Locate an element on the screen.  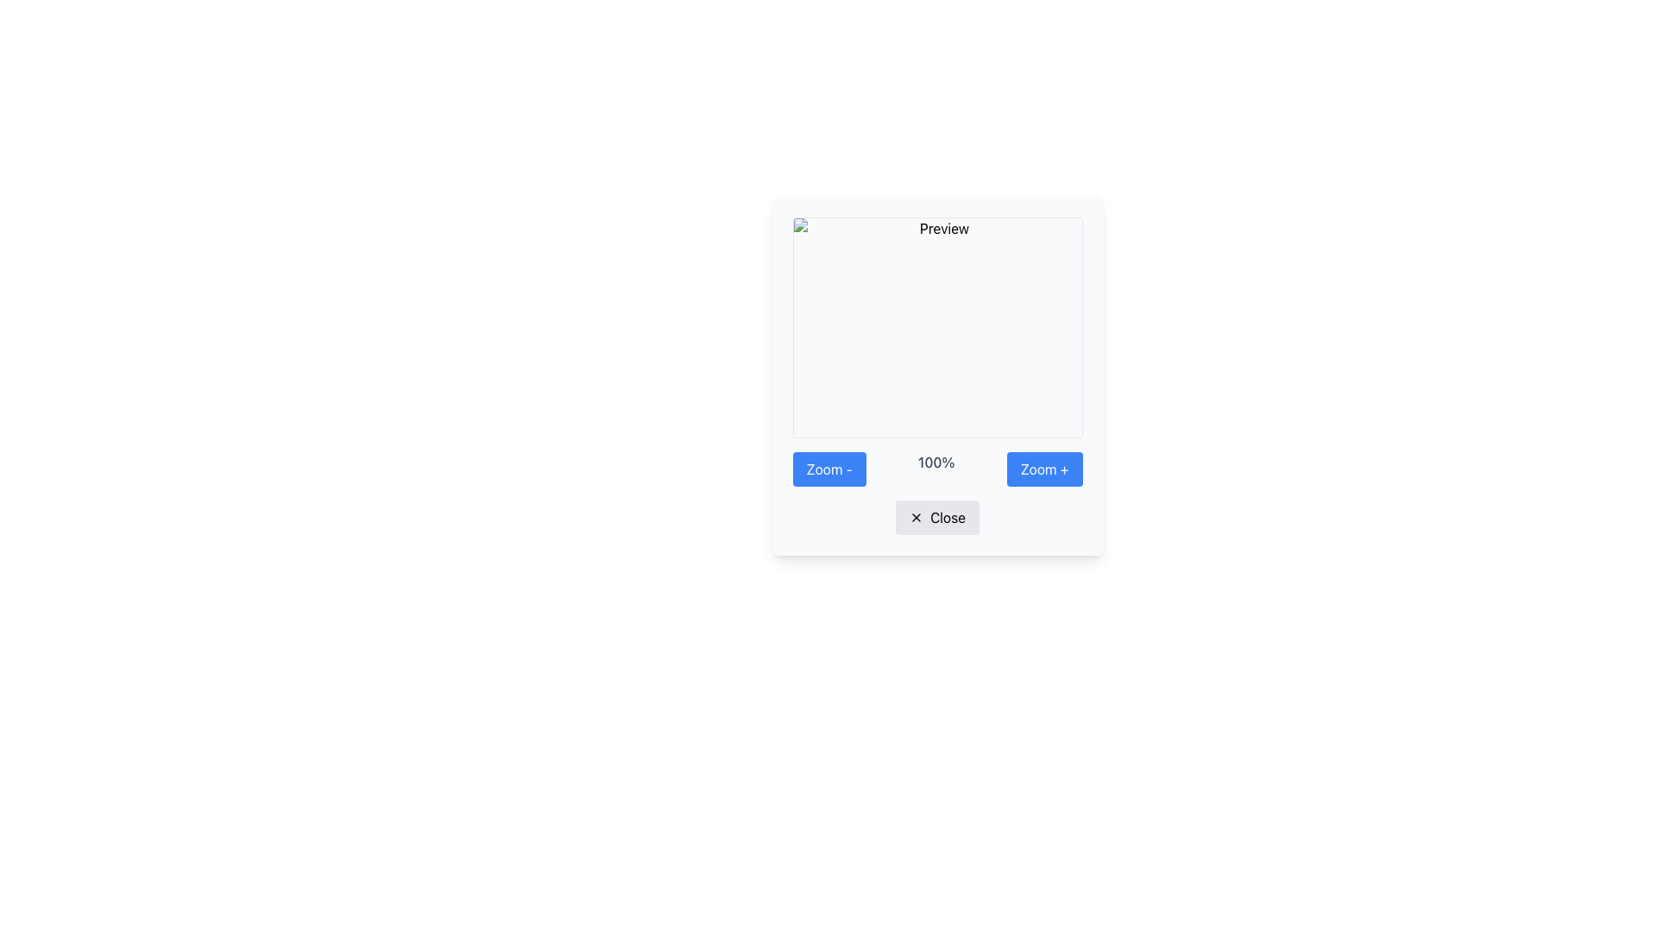
the Text label displaying '100%' in gray font, which is centrally located in the control bar flanked by 'Zoom -' and 'Zoom +' buttons is located at coordinates (936, 469).